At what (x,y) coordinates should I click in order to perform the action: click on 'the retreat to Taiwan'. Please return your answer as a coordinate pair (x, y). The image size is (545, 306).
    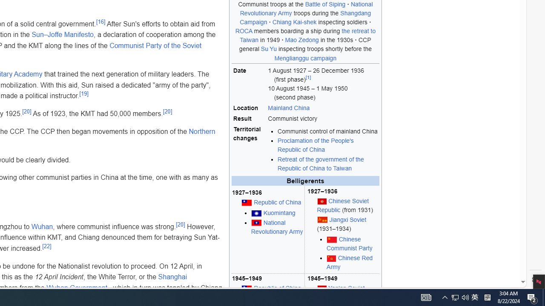
    Looking at the image, I should click on (307, 35).